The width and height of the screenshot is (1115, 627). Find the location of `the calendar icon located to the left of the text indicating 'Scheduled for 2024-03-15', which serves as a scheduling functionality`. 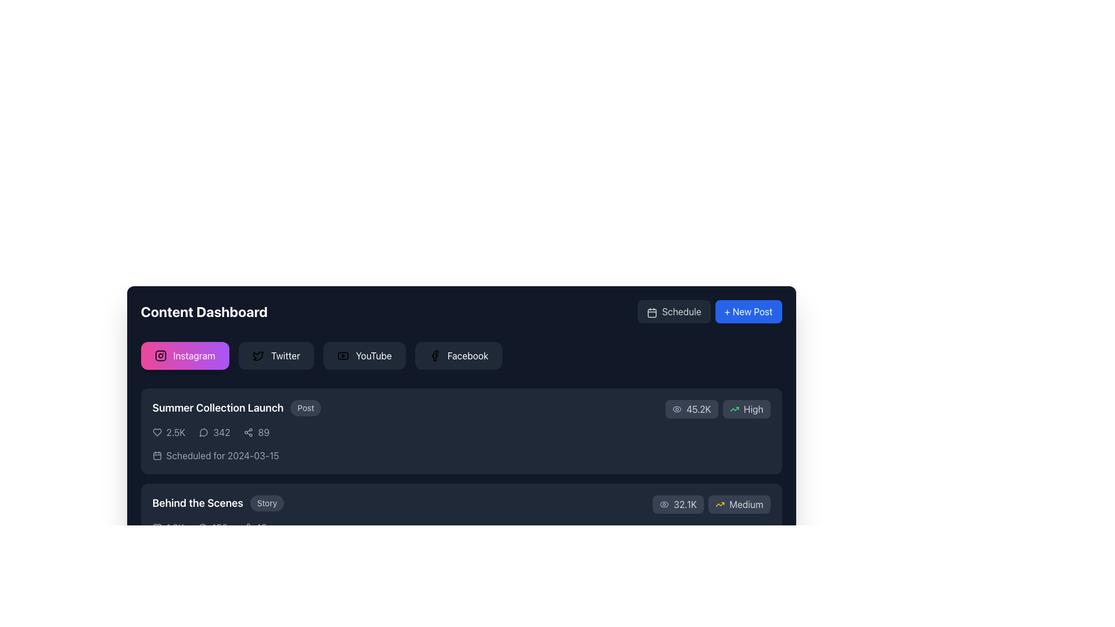

the calendar icon located to the left of the text indicating 'Scheduled for 2024-03-15', which serves as a scheduling functionality is located at coordinates (156, 455).